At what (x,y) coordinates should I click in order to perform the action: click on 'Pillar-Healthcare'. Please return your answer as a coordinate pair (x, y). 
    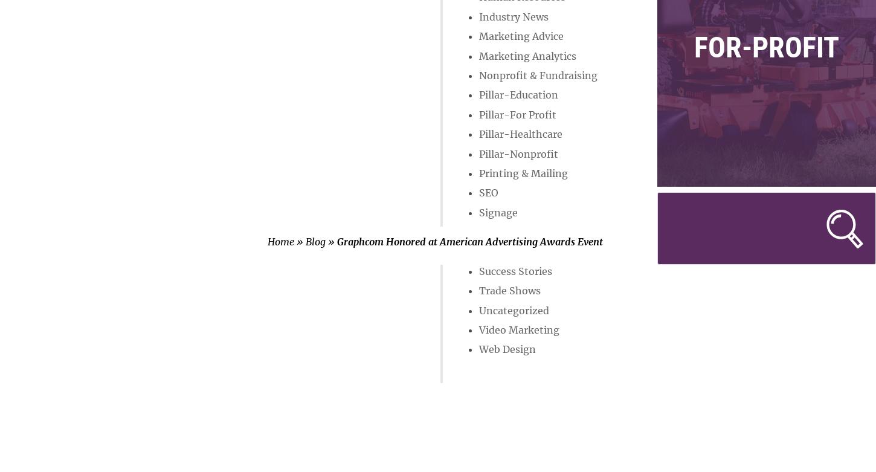
    Looking at the image, I should click on (520, 134).